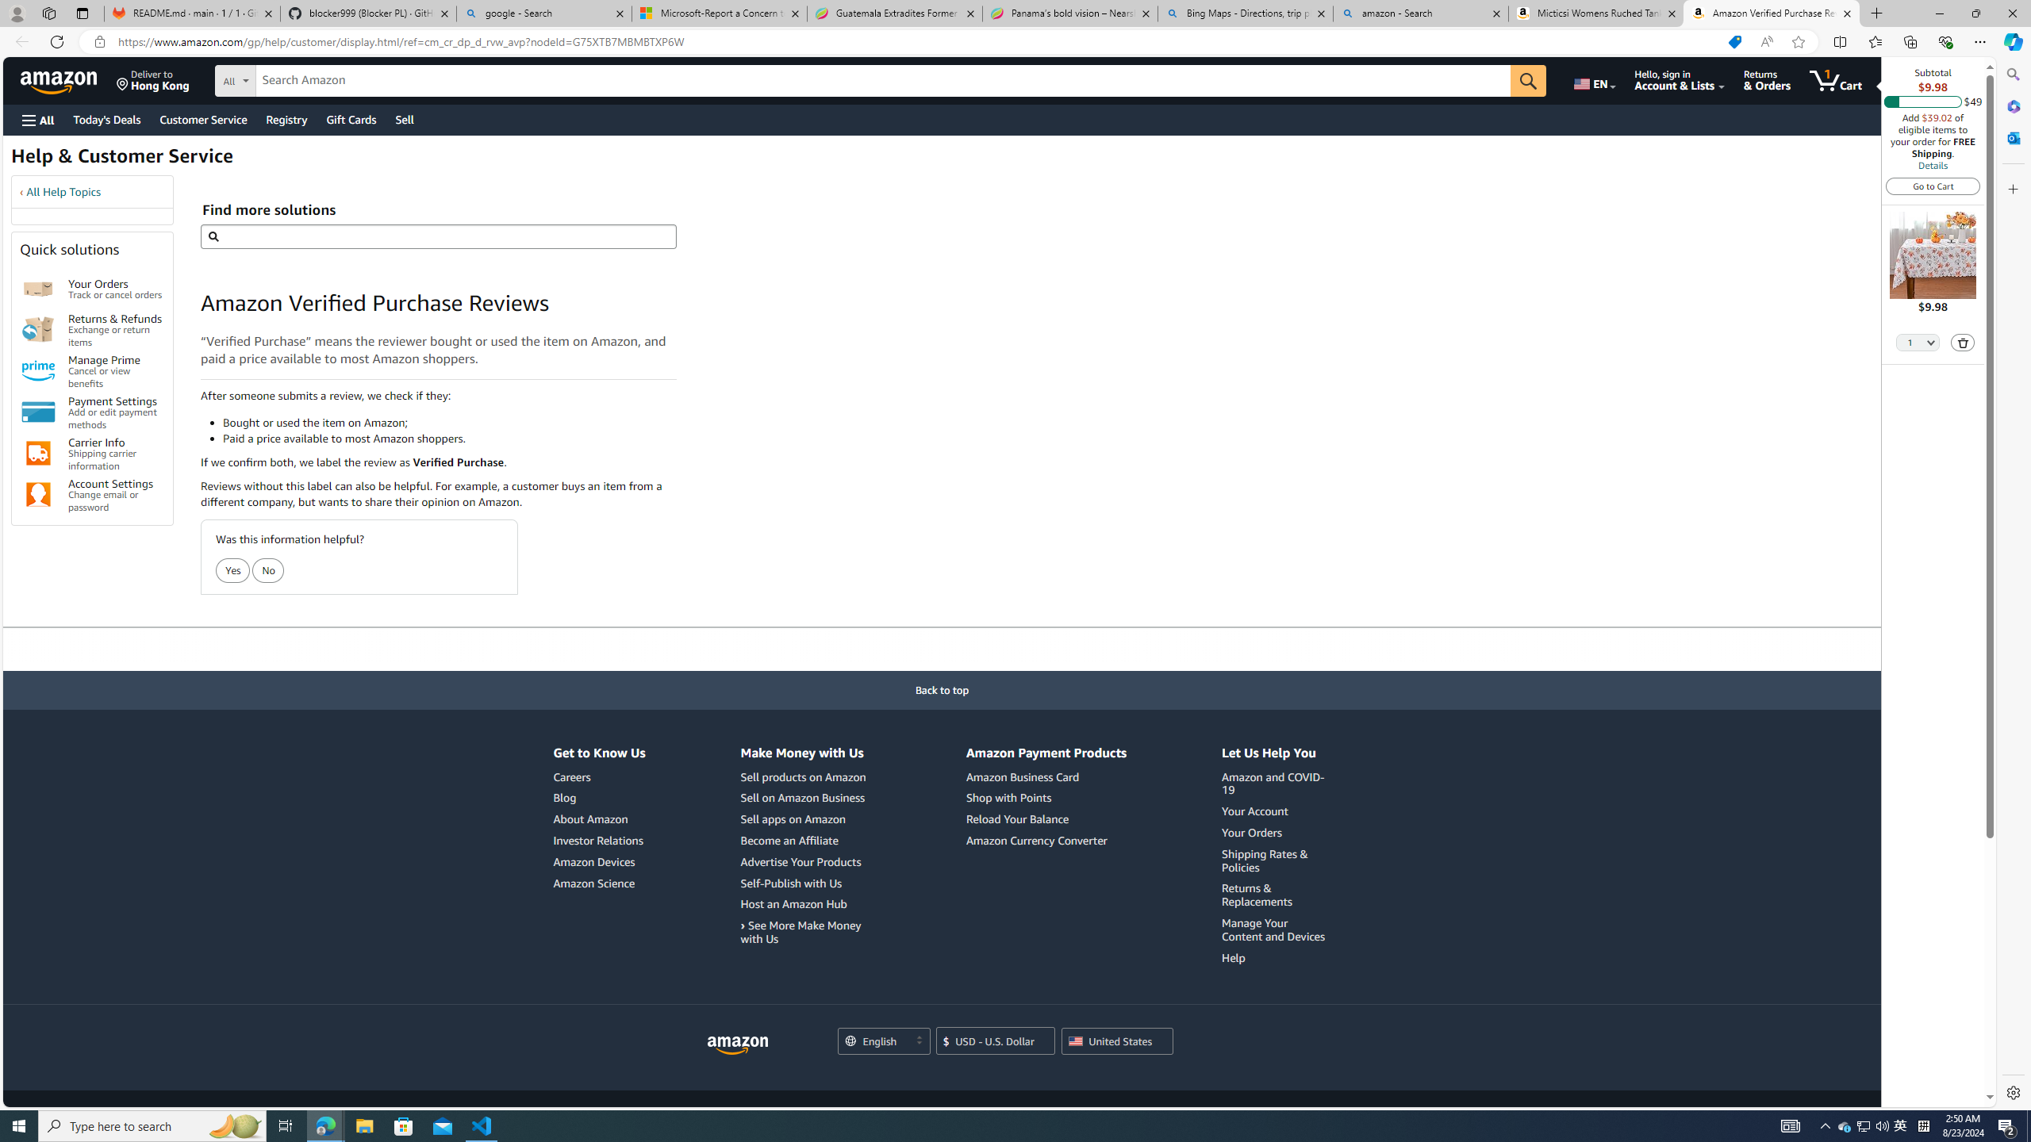 This screenshot has height=1142, width=2031. What do you see at coordinates (1836, 79) in the screenshot?
I see `'1 item in cart'` at bounding box center [1836, 79].